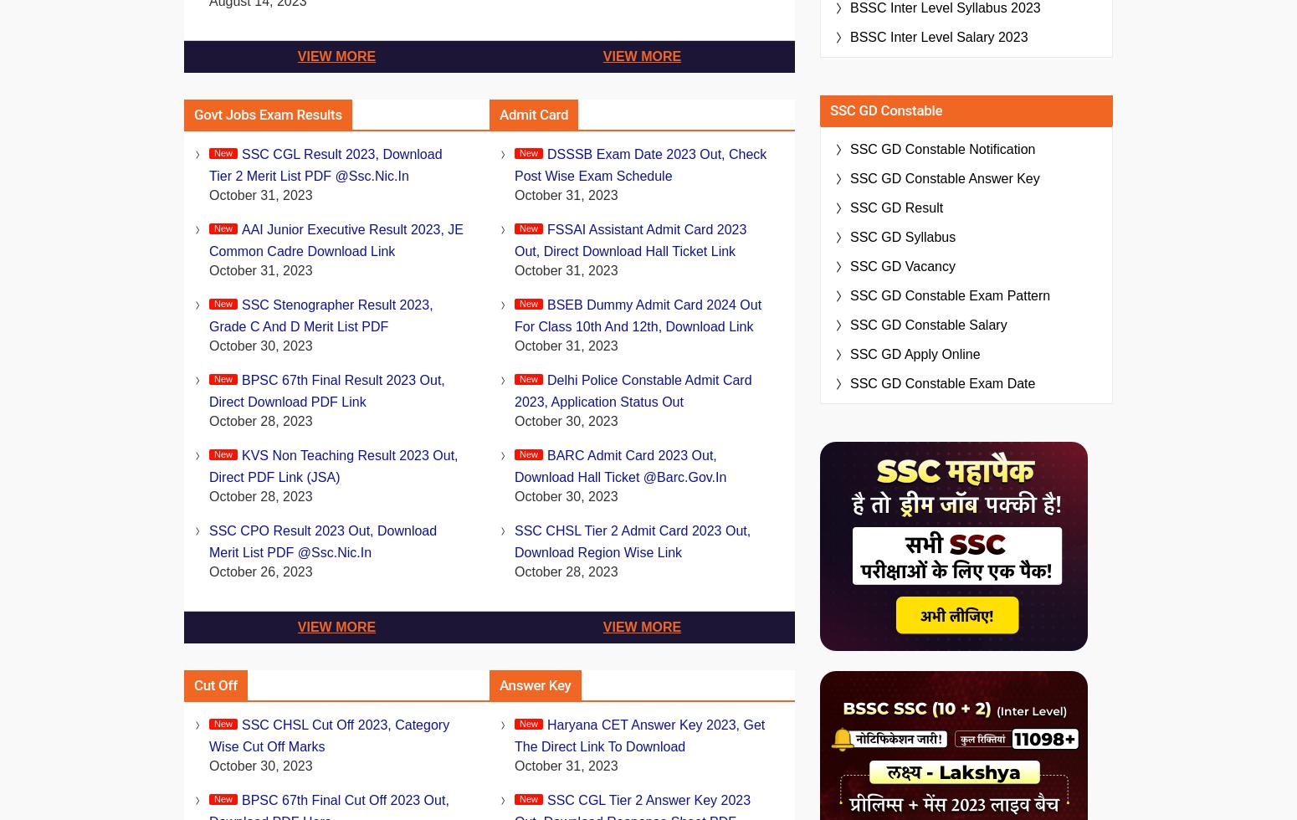 This screenshot has height=820, width=1297. I want to click on 'Answer Key', so click(500, 684).